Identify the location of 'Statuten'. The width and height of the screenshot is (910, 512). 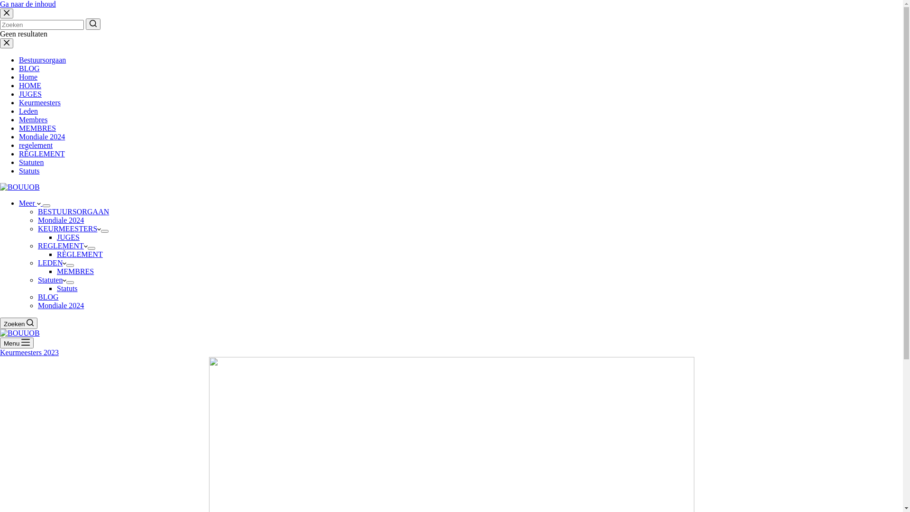
(18, 162).